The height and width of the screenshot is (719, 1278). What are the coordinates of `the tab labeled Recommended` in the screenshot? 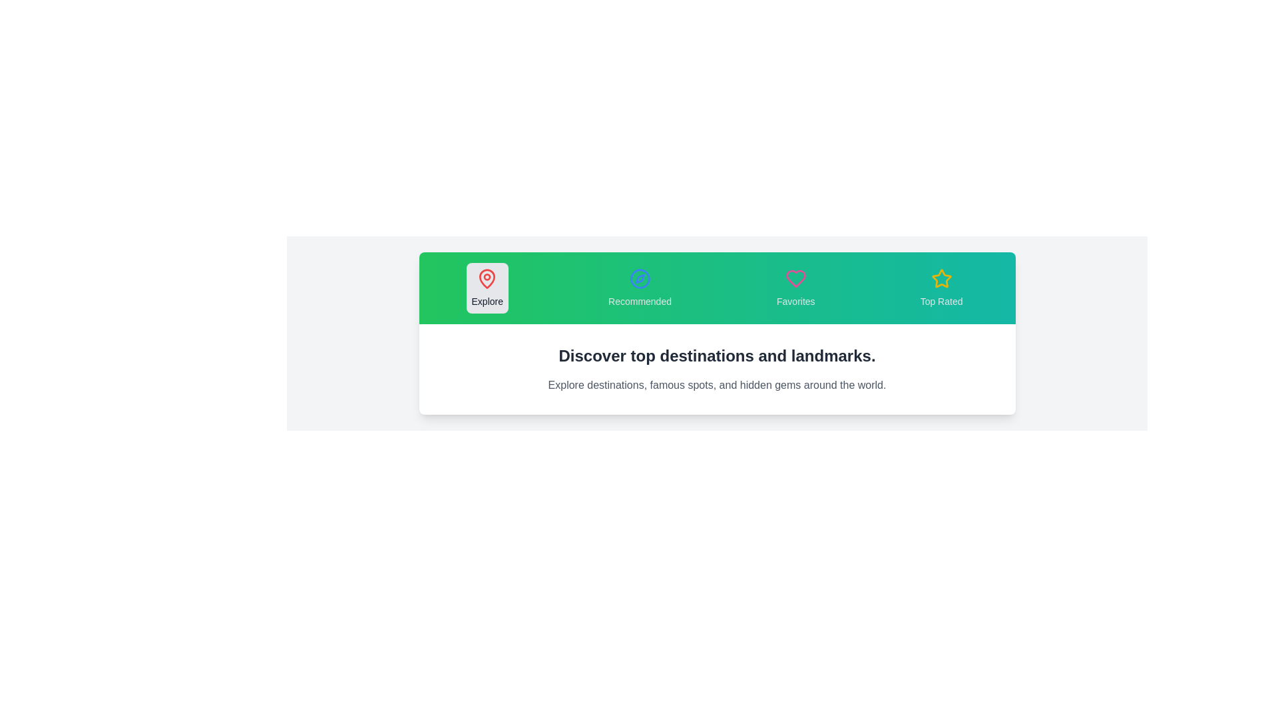 It's located at (640, 287).